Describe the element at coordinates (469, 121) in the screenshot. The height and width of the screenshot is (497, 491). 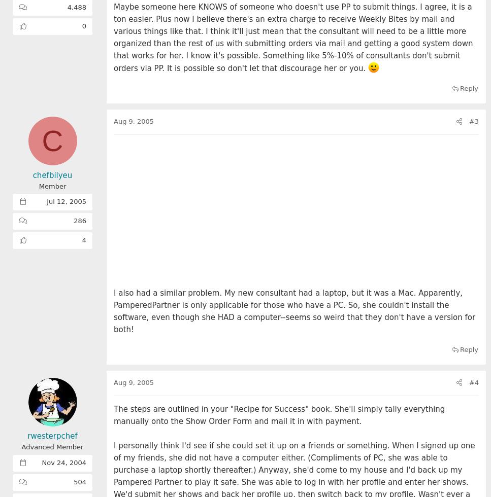
I see `'#3'` at that location.